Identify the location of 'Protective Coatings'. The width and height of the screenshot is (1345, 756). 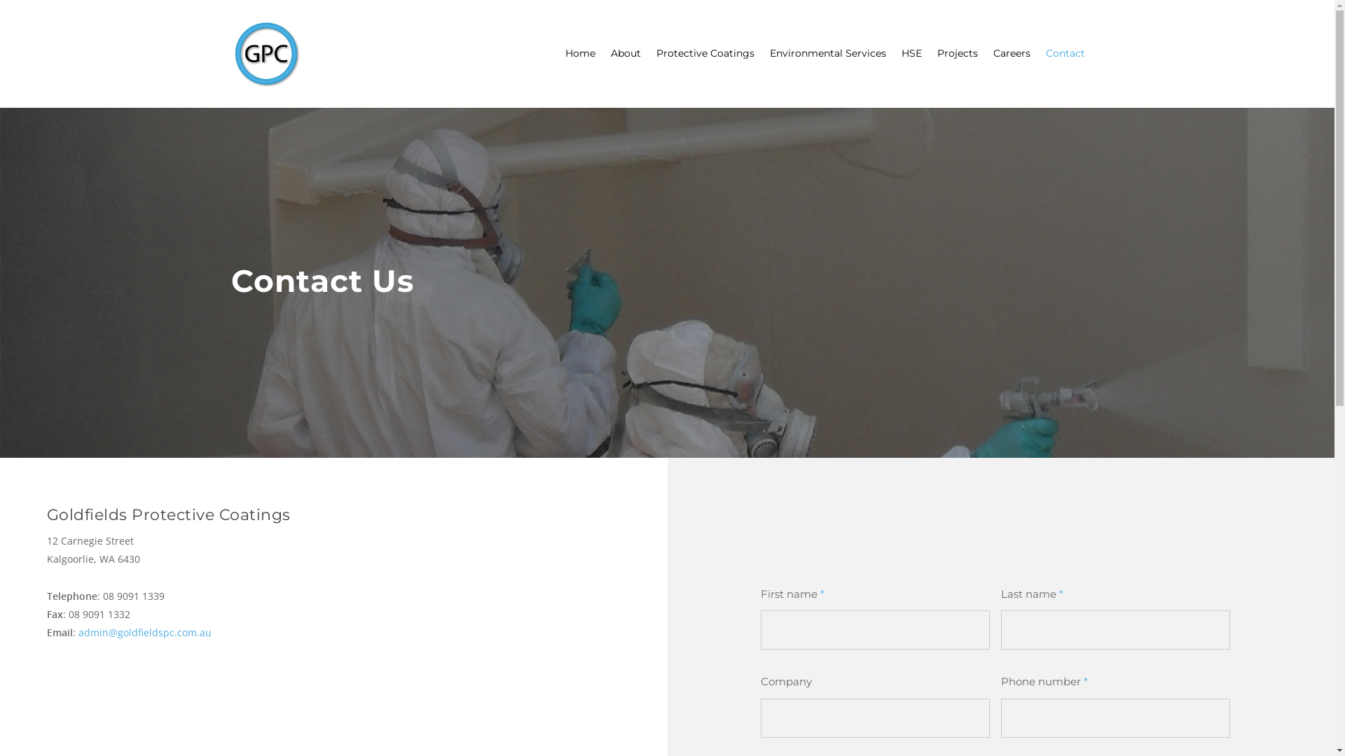
(705, 64).